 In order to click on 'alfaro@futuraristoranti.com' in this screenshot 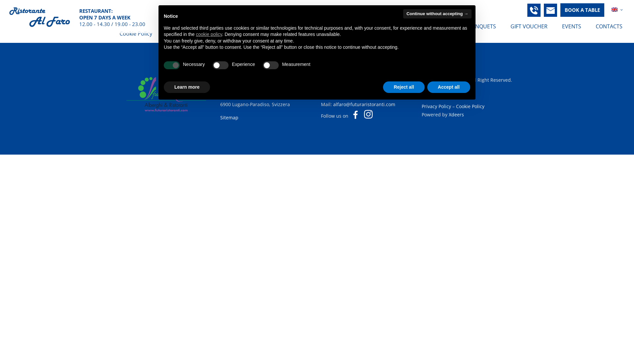, I will do `click(364, 104)`.